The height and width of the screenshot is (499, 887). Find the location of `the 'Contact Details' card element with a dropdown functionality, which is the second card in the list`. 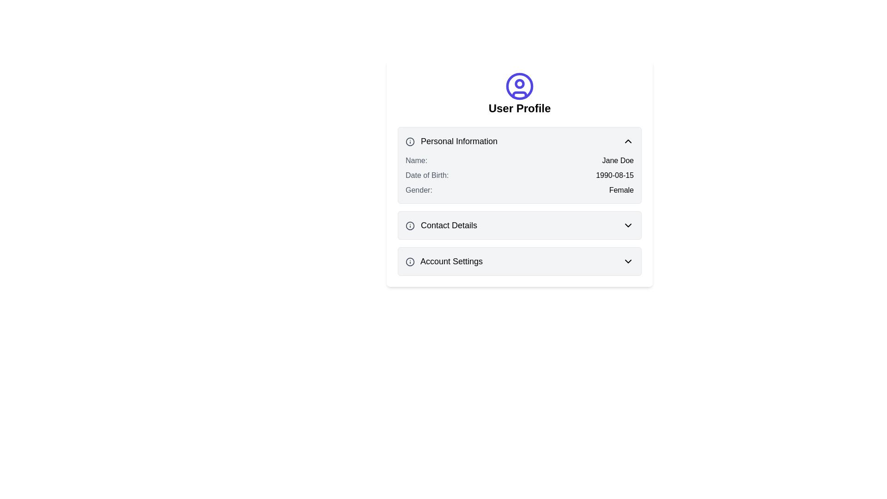

the 'Contact Details' card element with a dropdown functionality, which is the second card in the list is located at coordinates (519, 225).